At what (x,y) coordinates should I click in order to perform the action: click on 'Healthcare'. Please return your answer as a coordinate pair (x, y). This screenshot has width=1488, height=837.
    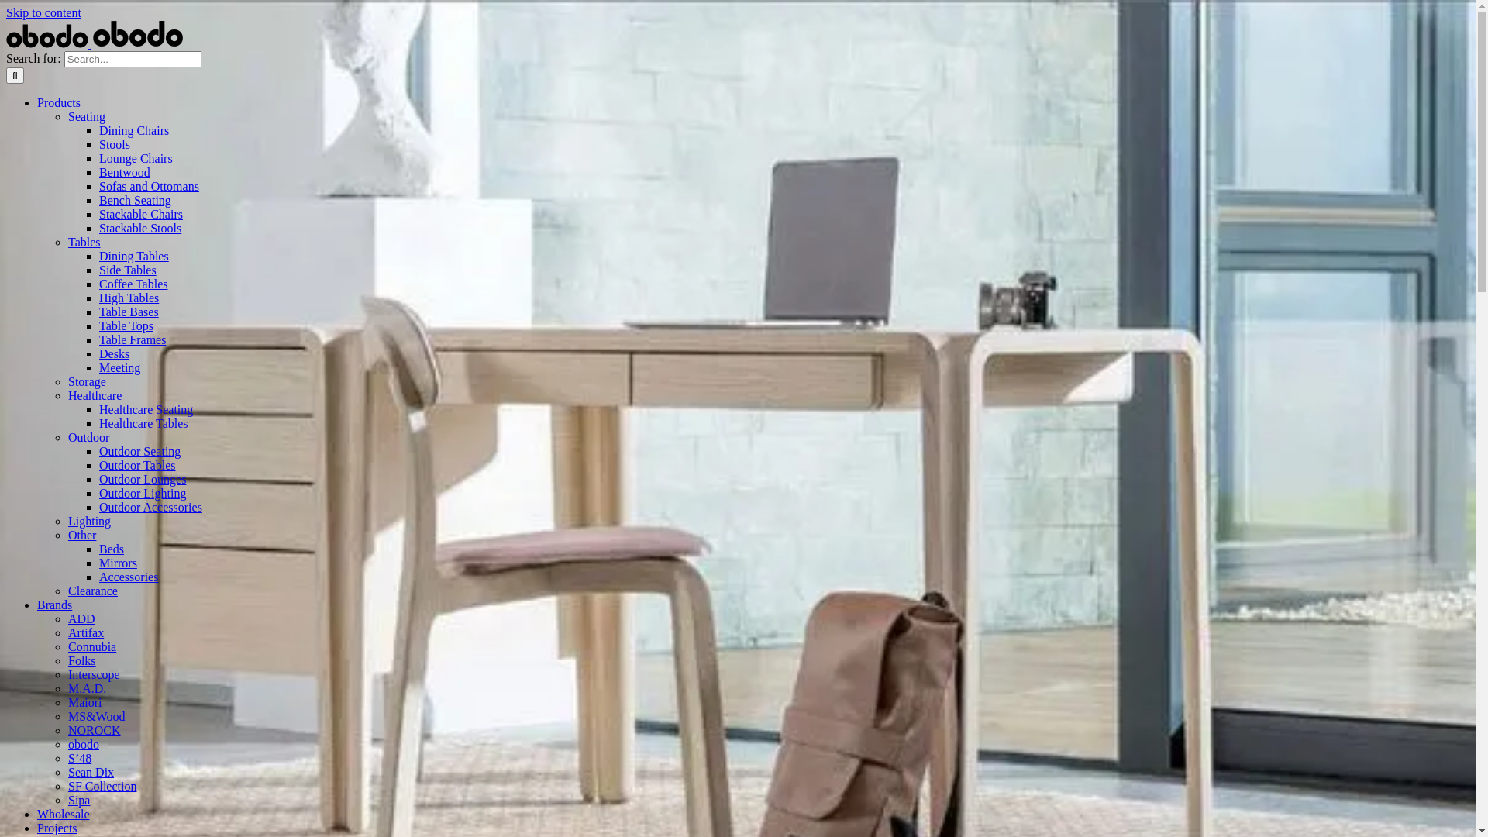
    Looking at the image, I should click on (94, 394).